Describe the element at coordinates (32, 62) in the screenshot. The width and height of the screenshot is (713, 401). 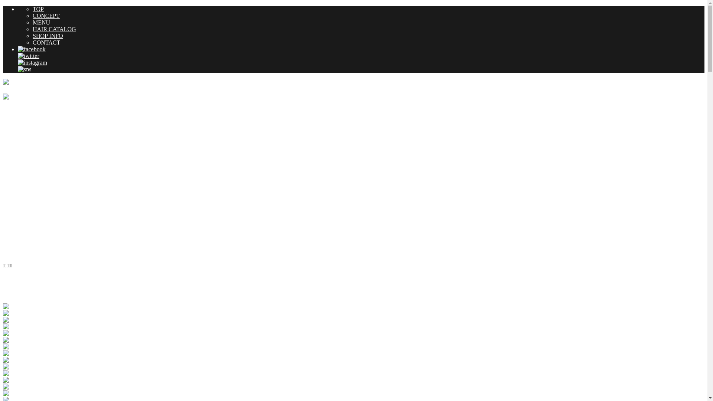
I see `'instagram'` at that location.